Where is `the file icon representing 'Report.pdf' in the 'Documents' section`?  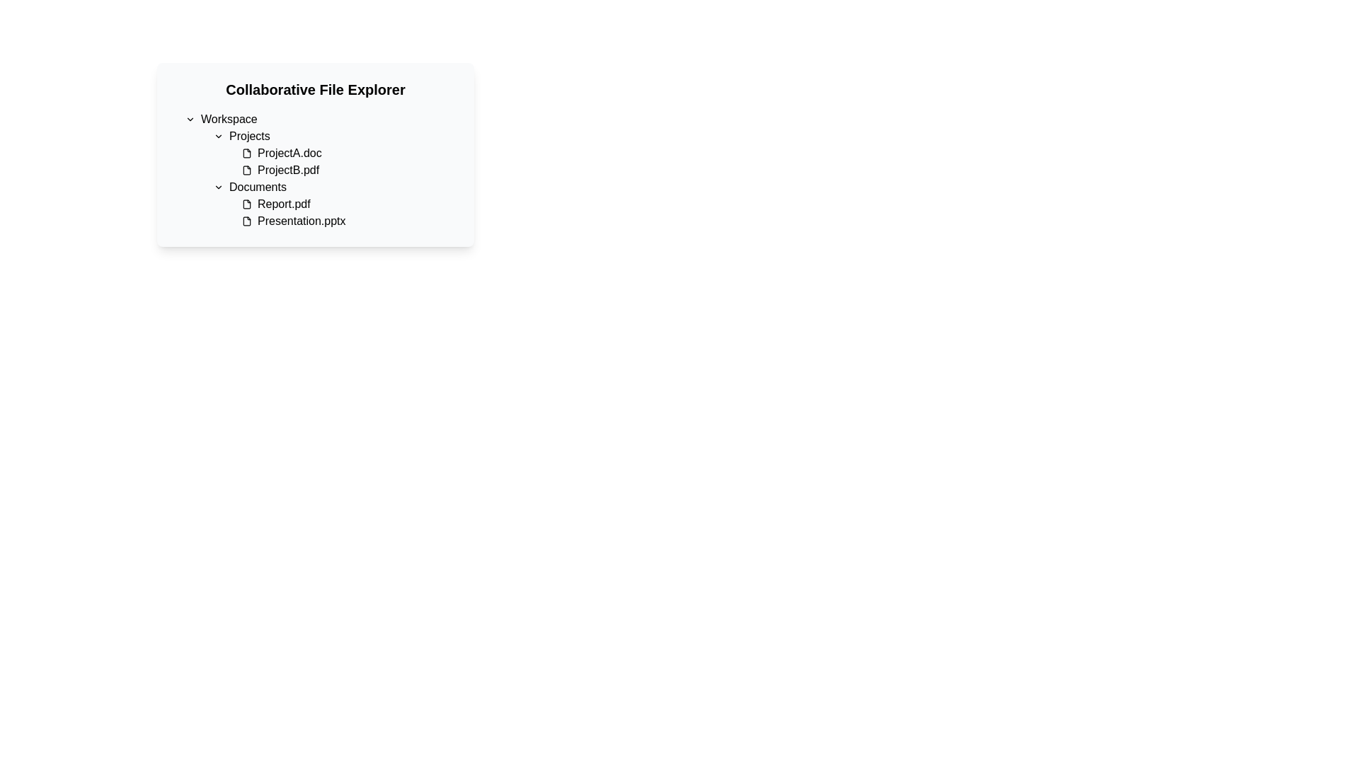 the file icon representing 'Report.pdf' in the 'Documents' section is located at coordinates (247, 204).